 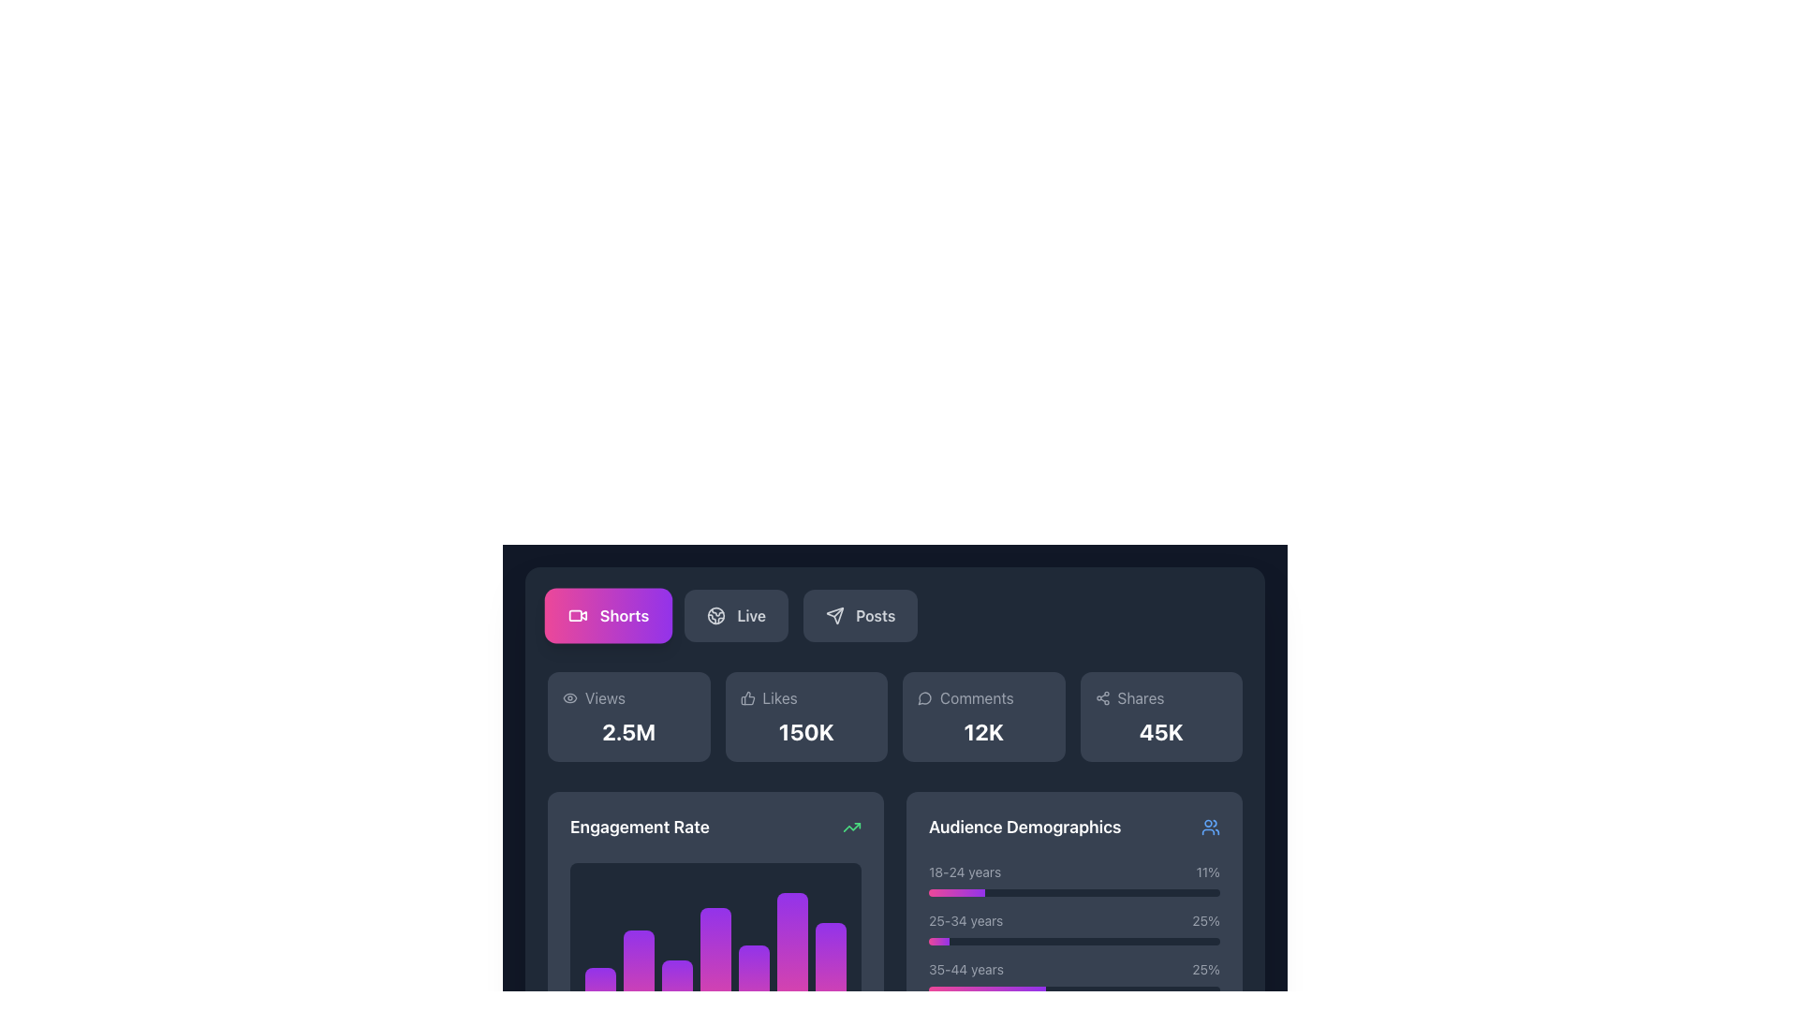 What do you see at coordinates (976, 697) in the screenshot?
I see `the 'Comments' label, displayed in gray font within a dark-themed panel` at bounding box center [976, 697].